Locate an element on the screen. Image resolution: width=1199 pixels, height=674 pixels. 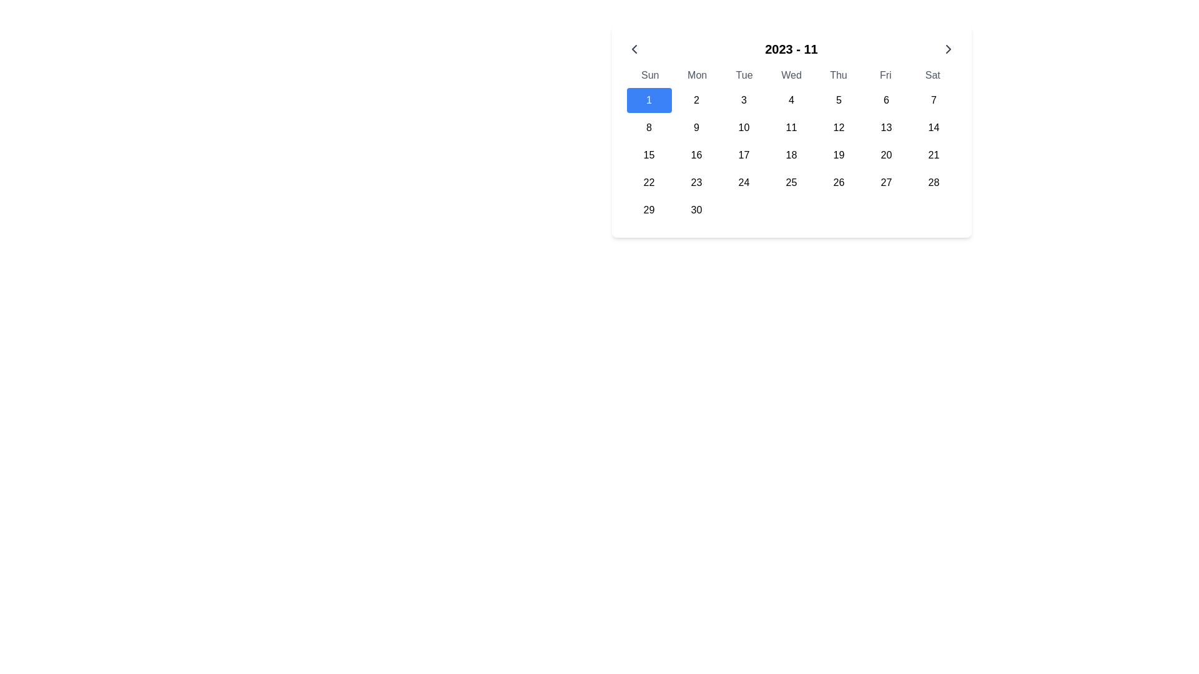
the right navigation chevron icon, which is a triangular arrowhead pointing to the right, located at the top-right corner of the calendar interface next to the month and year display is located at coordinates (949, 48).